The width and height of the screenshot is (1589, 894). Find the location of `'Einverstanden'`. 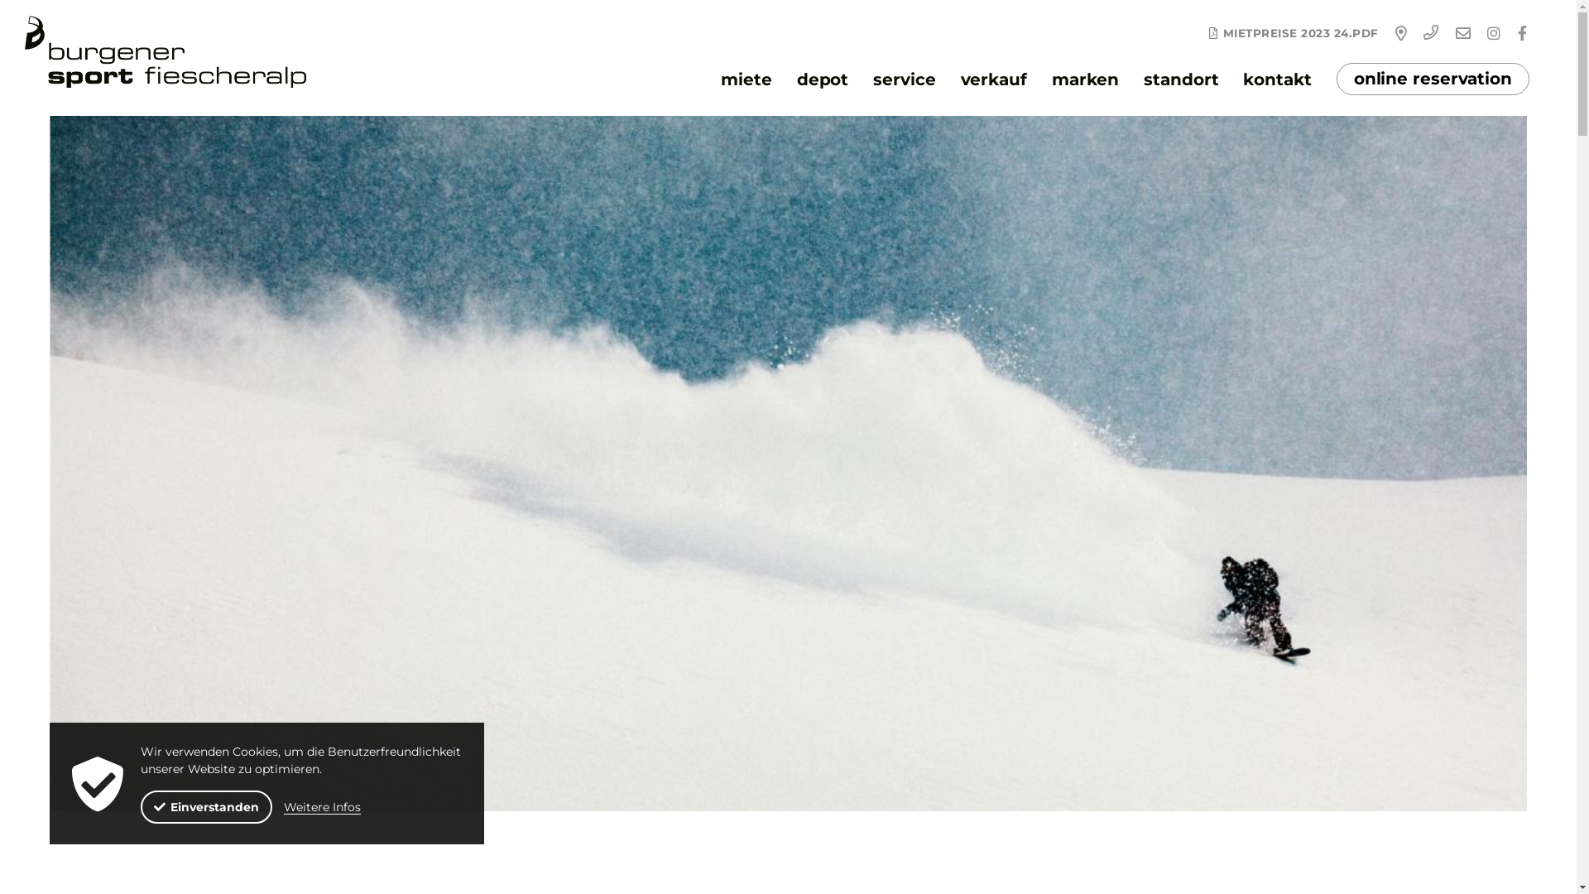

'Einverstanden' is located at coordinates (205, 806).